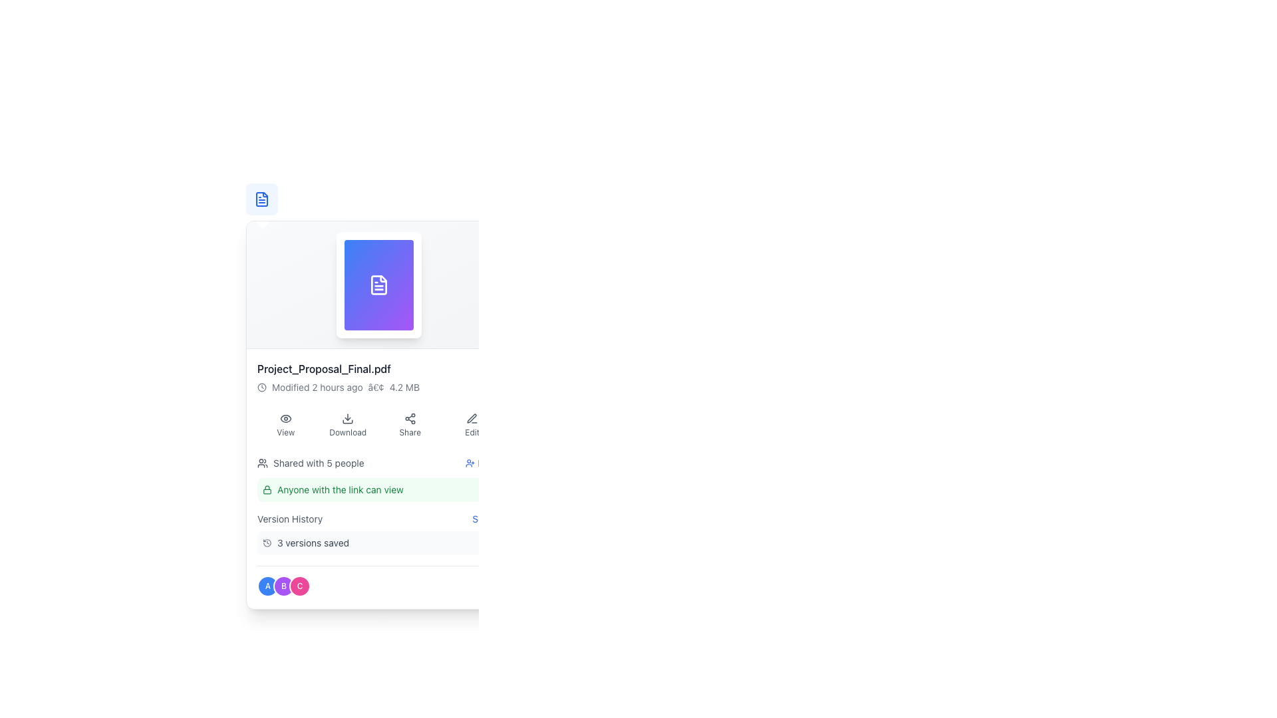  What do you see at coordinates (285, 425) in the screenshot?
I see `the 'View' button, which is the first button in a row of four buttons located below a document preview, featuring an eye icon above the text 'View'` at bounding box center [285, 425].